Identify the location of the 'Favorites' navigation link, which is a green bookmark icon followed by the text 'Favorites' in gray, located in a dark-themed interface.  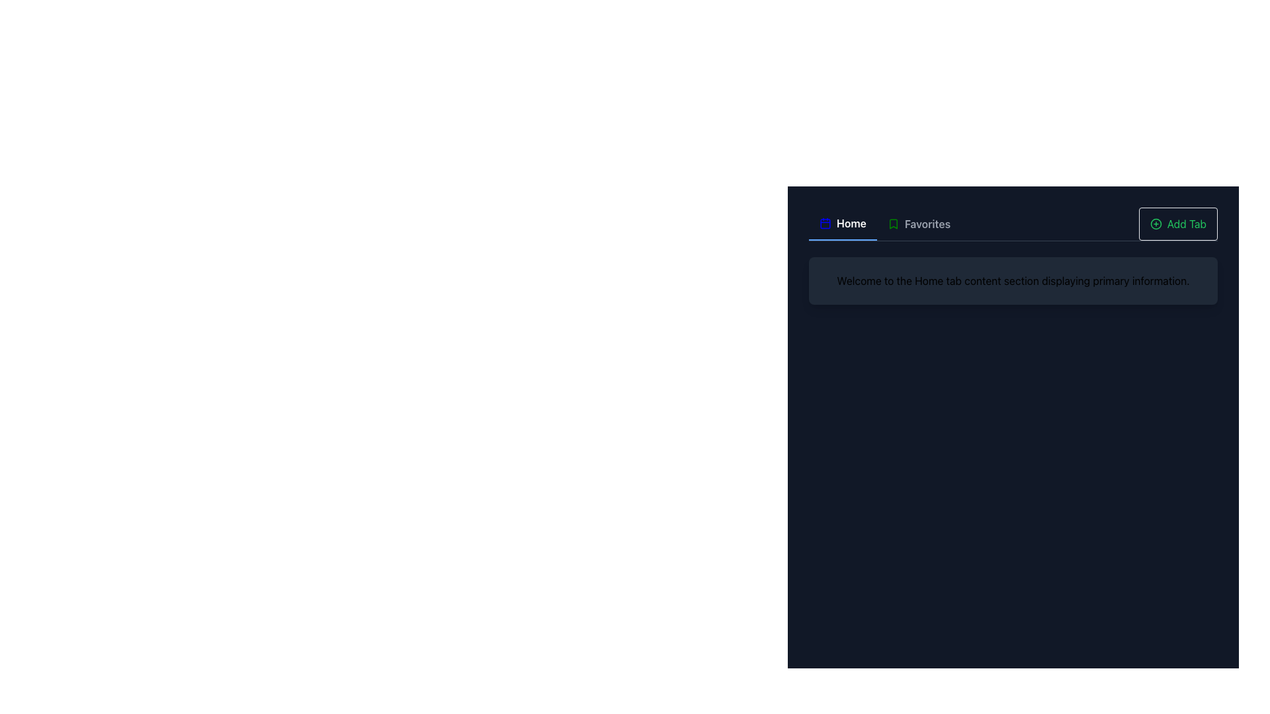
(918, 223).